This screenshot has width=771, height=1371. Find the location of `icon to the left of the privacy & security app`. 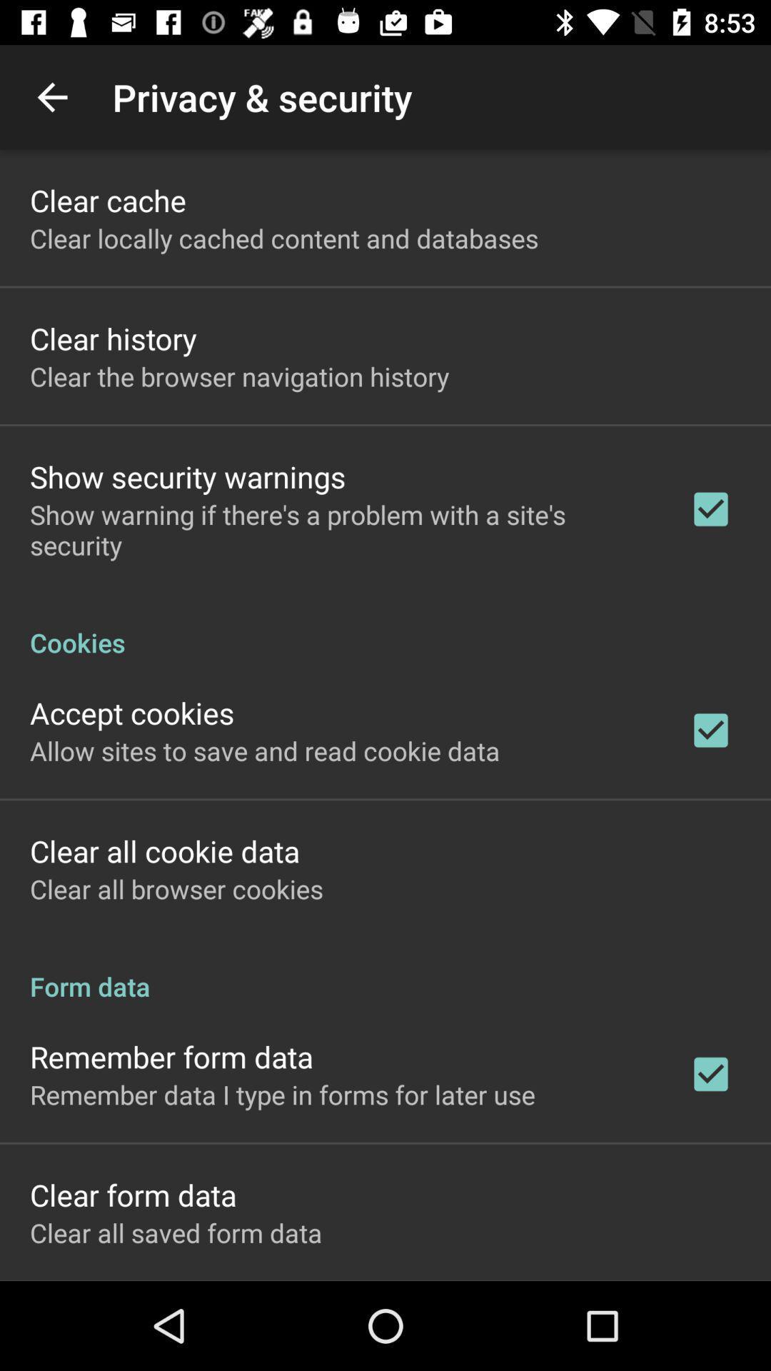

icon to the left of the privacy & security app is located at coordinates (51, 96).